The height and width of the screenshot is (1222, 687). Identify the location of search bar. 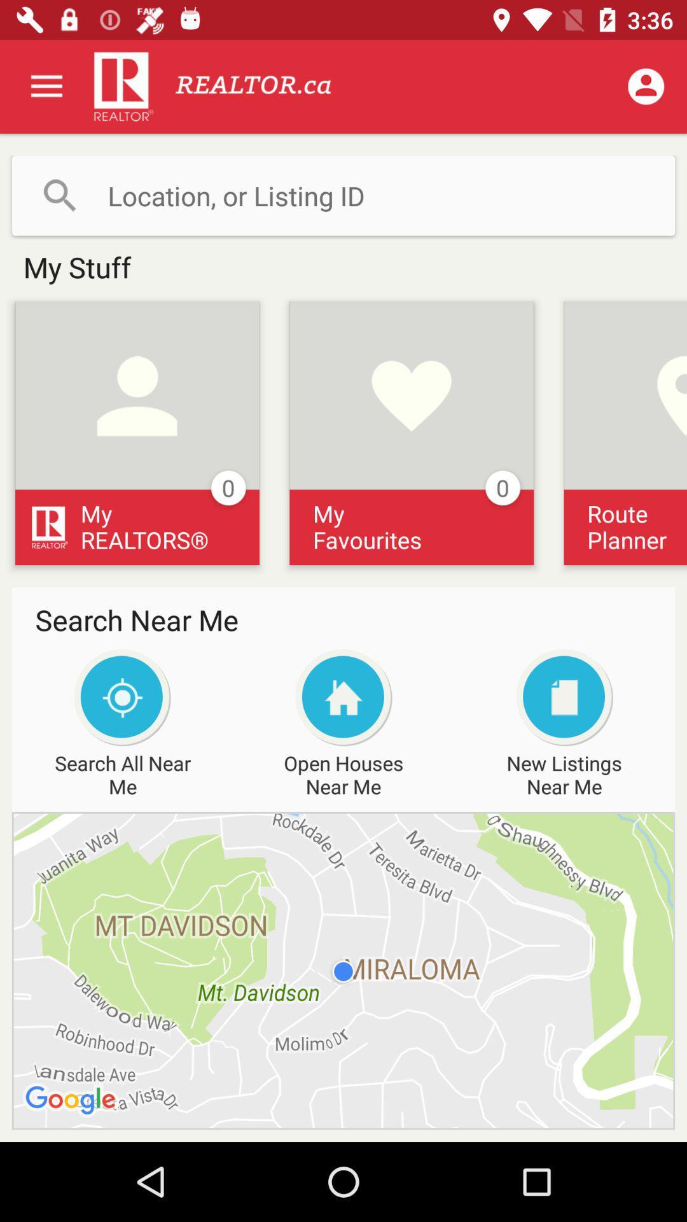
(343, 195).